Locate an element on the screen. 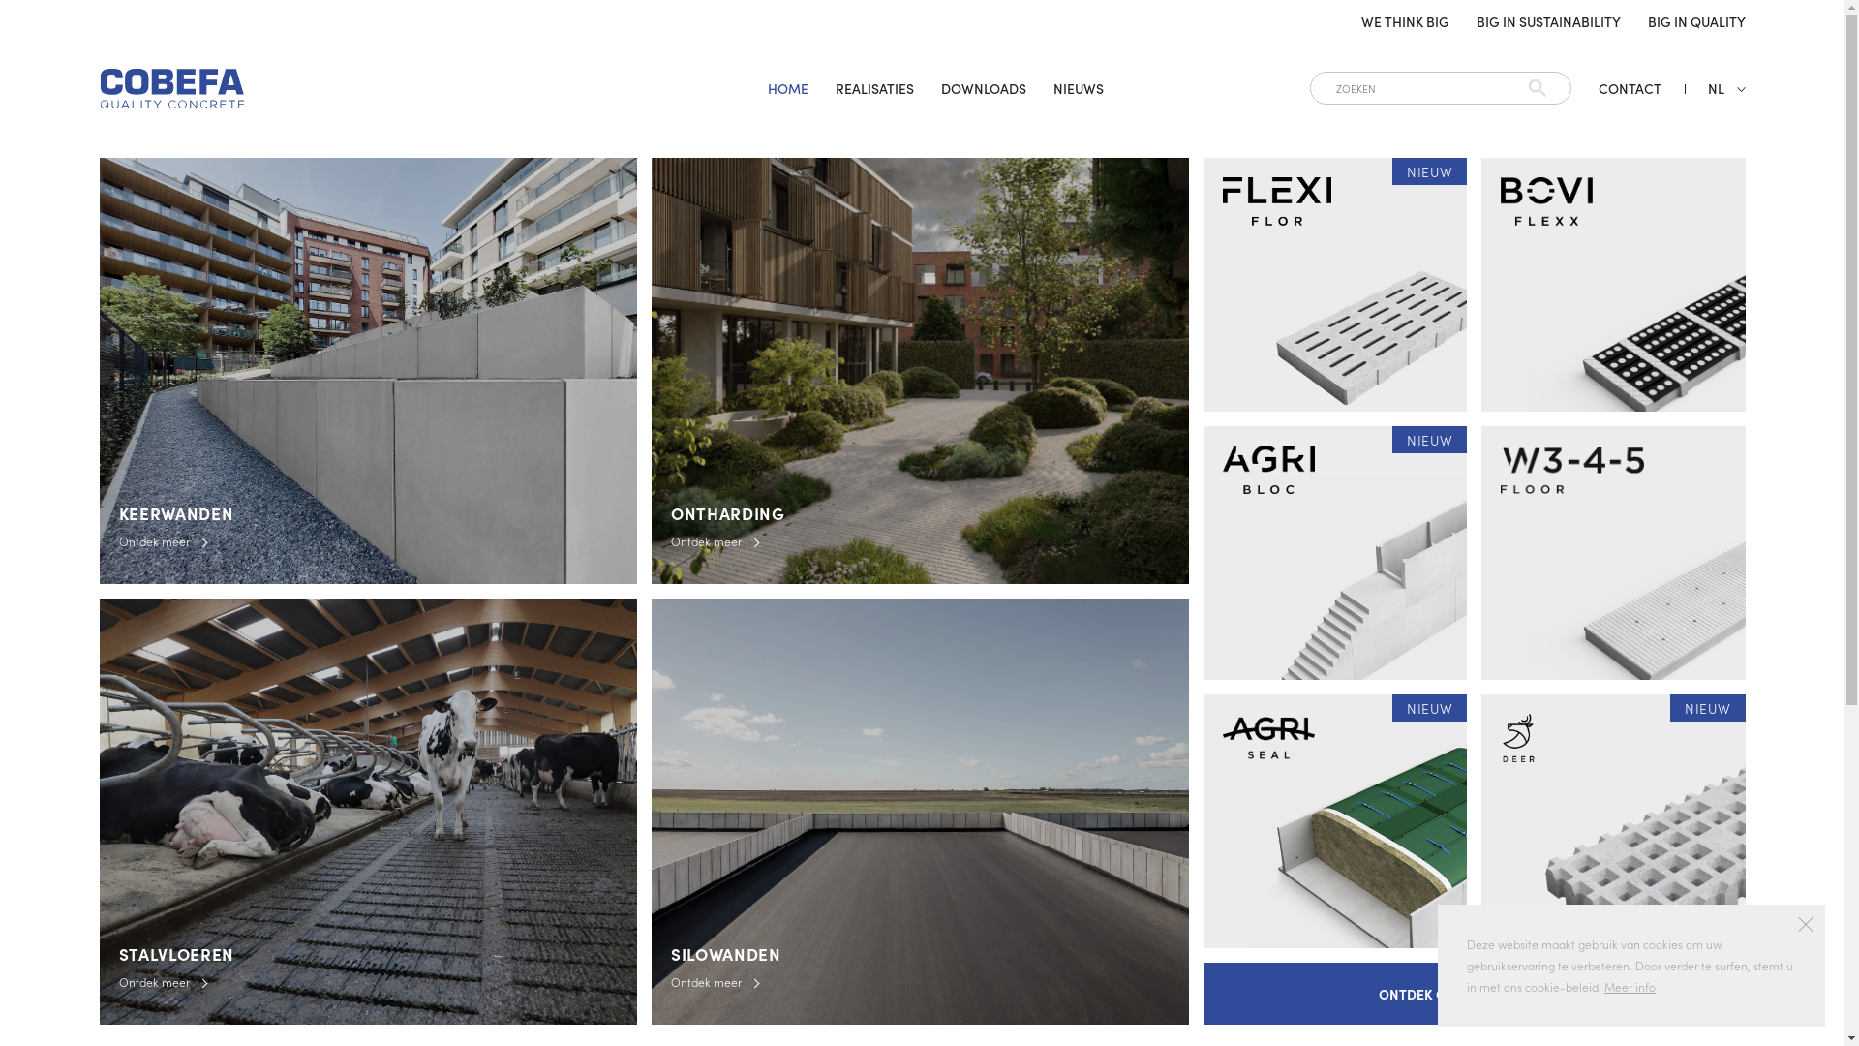 This screenshot has width=1859, height=1046. 'KEERWANDEN is located at coordinates (367, 370).